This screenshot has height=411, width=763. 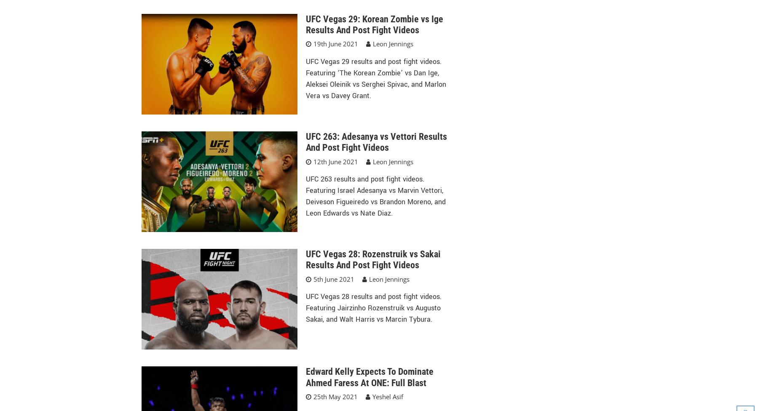 What do you see at coordinates (335, 44) in the screenshot?
I see `'19th June 2021'` at bounding box center [335, 44].